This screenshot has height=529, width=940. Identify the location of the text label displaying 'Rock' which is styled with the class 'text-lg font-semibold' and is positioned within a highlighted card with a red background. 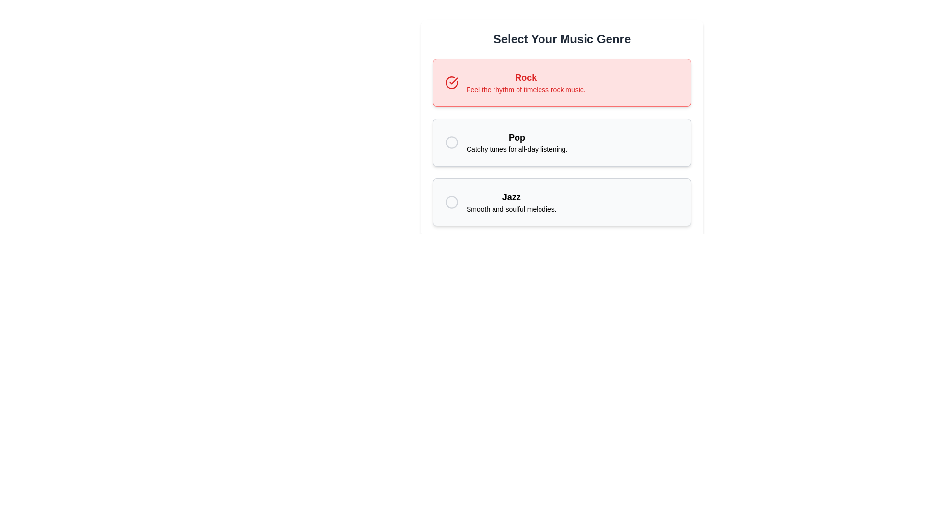
(525, 77).